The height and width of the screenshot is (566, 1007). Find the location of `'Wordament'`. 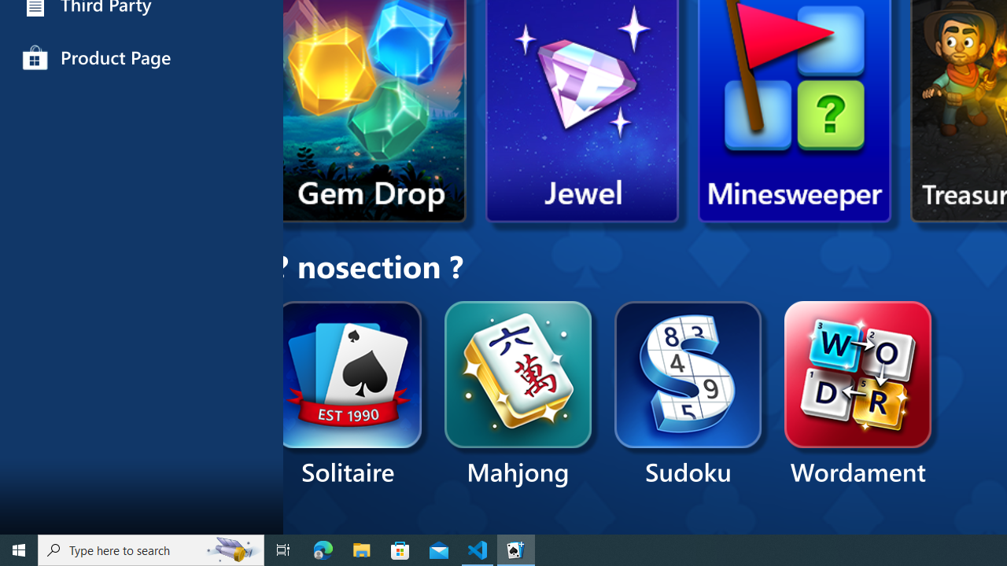

'Wordament' is located at coordinates (857, 394).